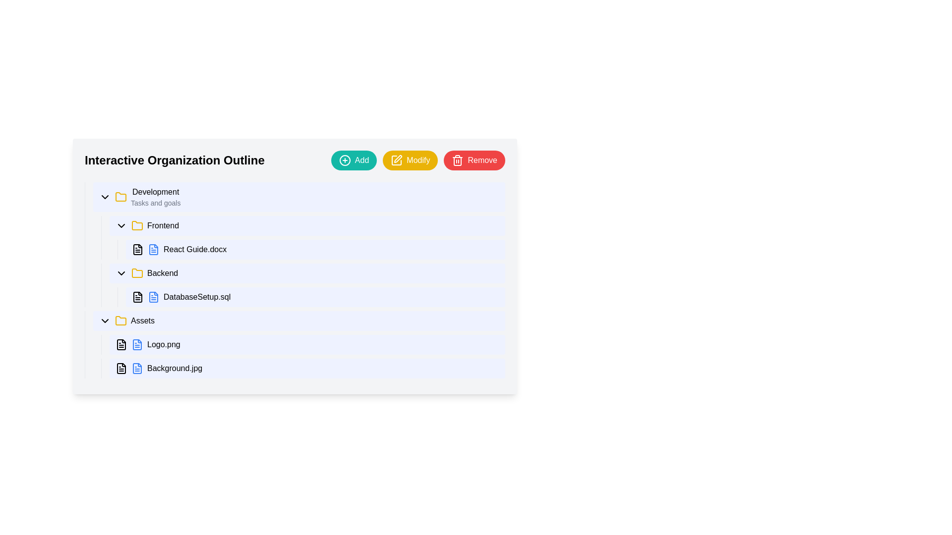 Image resolution: width=952 pixels, height=535 pixels. What do you see at coordinates (105, 197) in the screenshot?
I see `the downward-pointing chevron arrow icon button located in the 'Development' section header, which is styled with a minimalistic design and positioned next to the yellow folder icon` at bounding box center [105, 197].